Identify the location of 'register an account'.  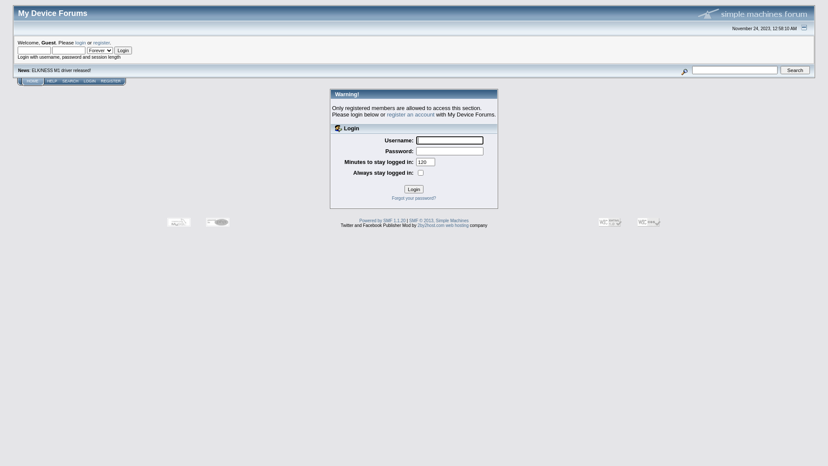
(386, 114).